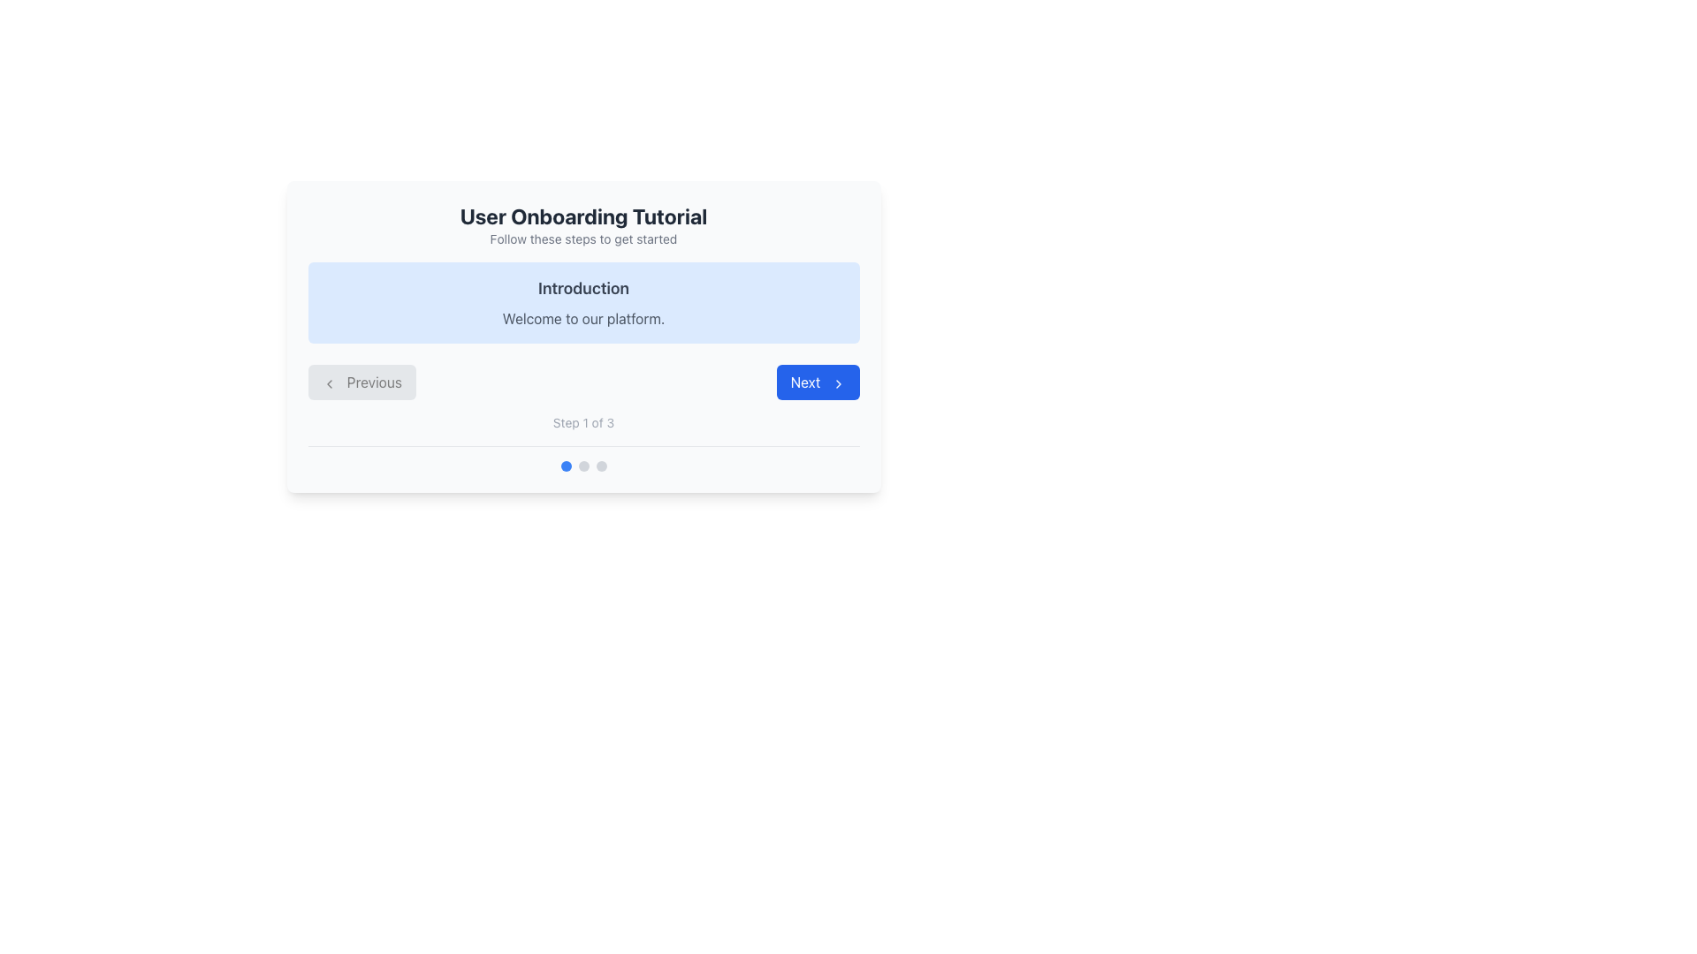  Describe the element at coordinates (817, 381) in the screenshot. I see `the 'Next' button located in the lower right corner of the onboarding modal` at that location.